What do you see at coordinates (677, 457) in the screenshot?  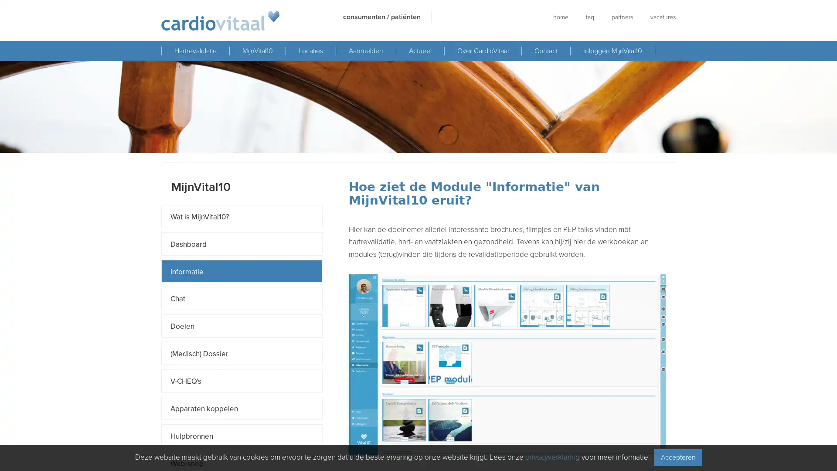 I see `Accepteren` at bounding box center [677, 457].